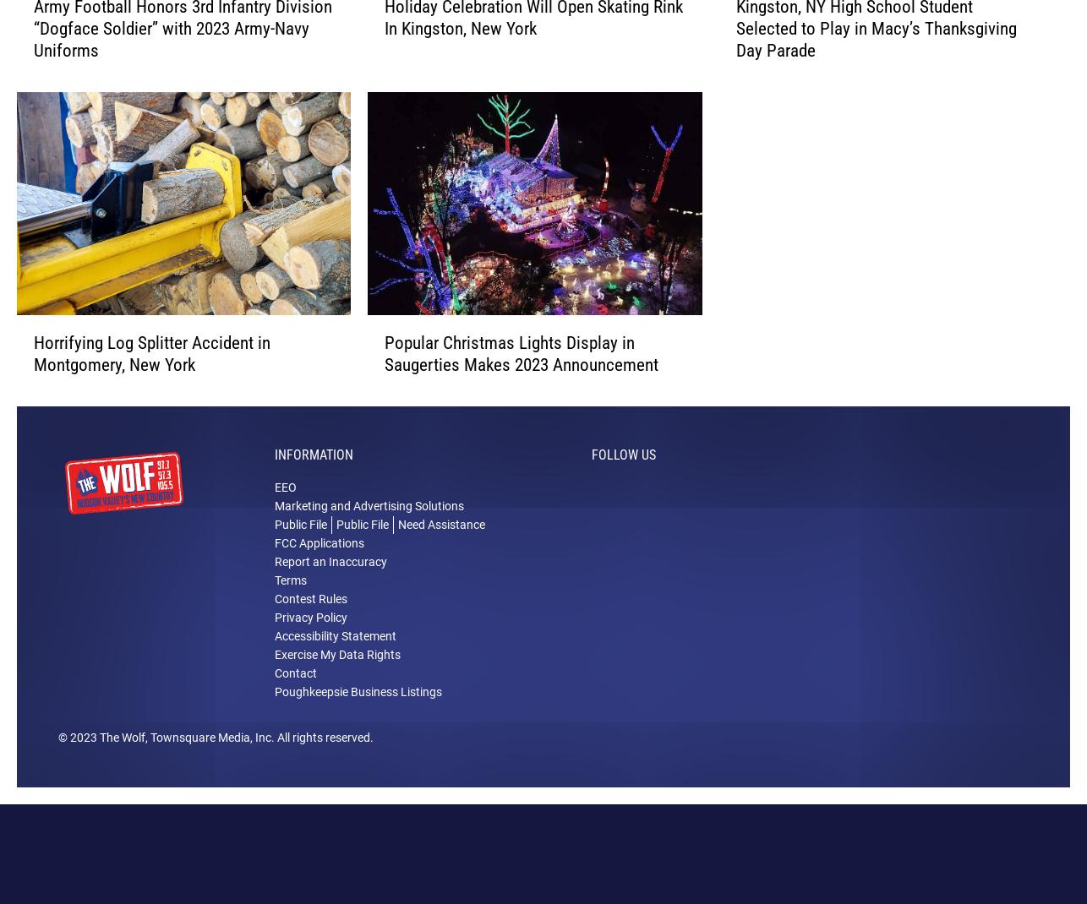 The width and height of the screenshot is (1087, 904). What do you see at coordinates (357, 718) in the screenshot?
I see `'Poughkeepsie Business Listings'` at bounding box center [357, 718].